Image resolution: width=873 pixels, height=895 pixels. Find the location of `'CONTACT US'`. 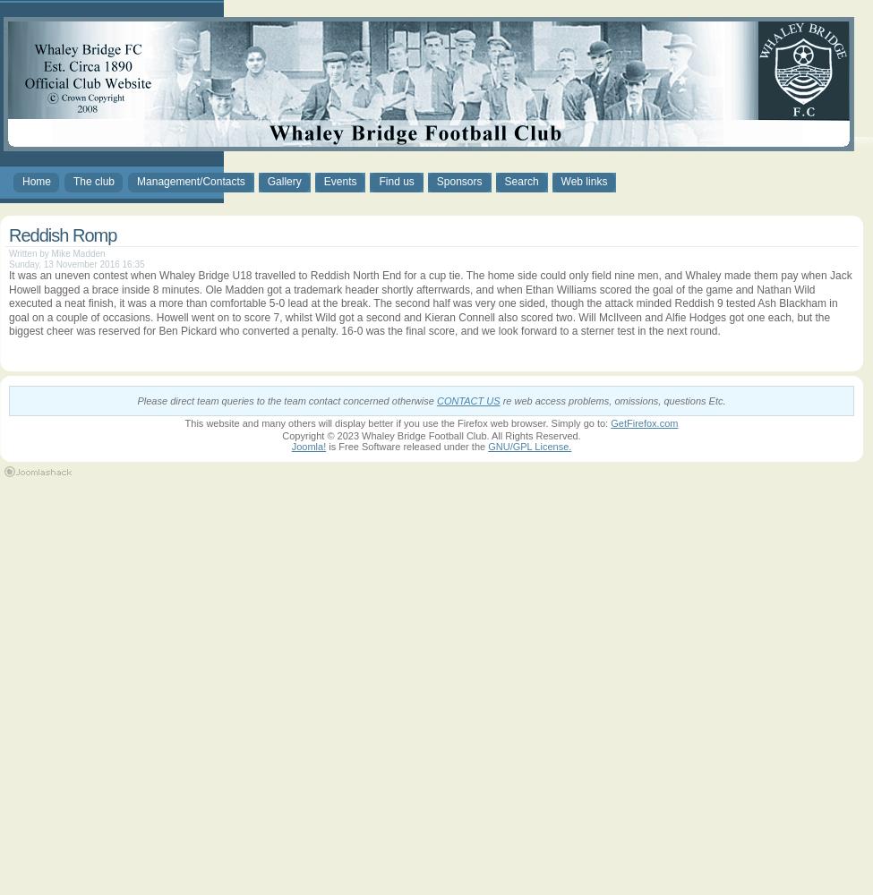

'CONTACT US' is located at coordinates (436, 400).